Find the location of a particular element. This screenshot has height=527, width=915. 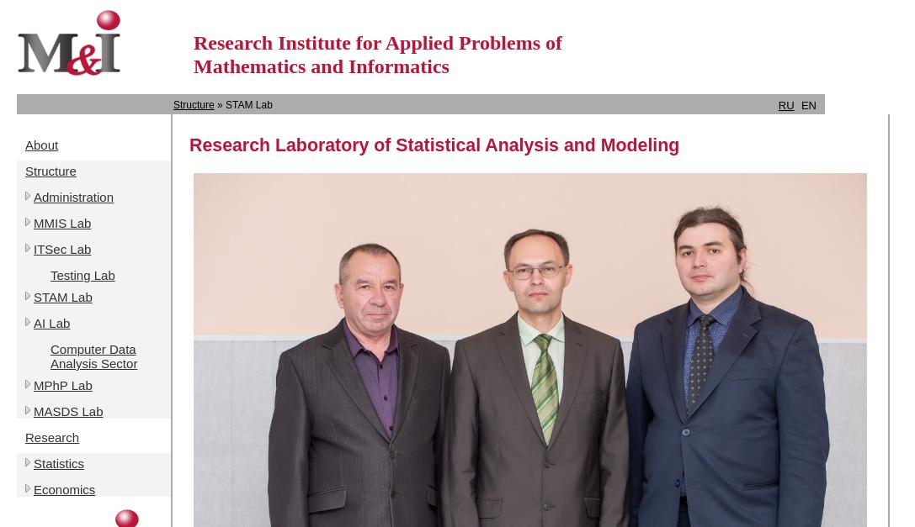

'AI Lab' is located at coordinates (51, 323).